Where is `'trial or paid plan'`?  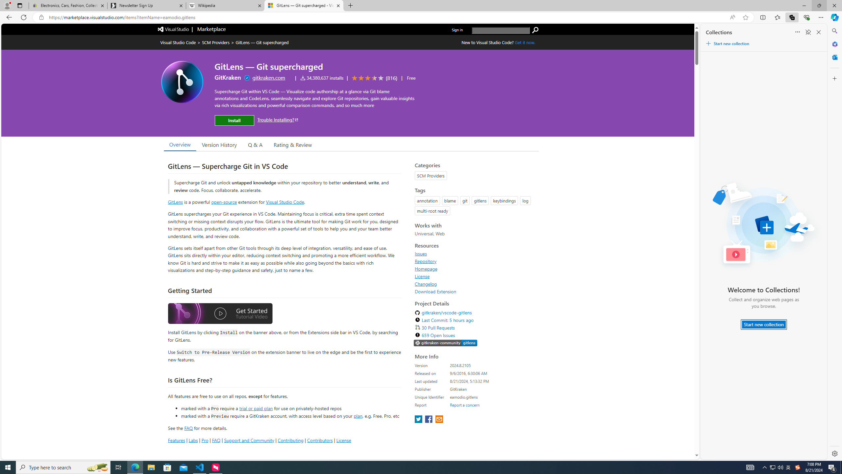
'trial or paid plan' is located at coordinates (256, 408).